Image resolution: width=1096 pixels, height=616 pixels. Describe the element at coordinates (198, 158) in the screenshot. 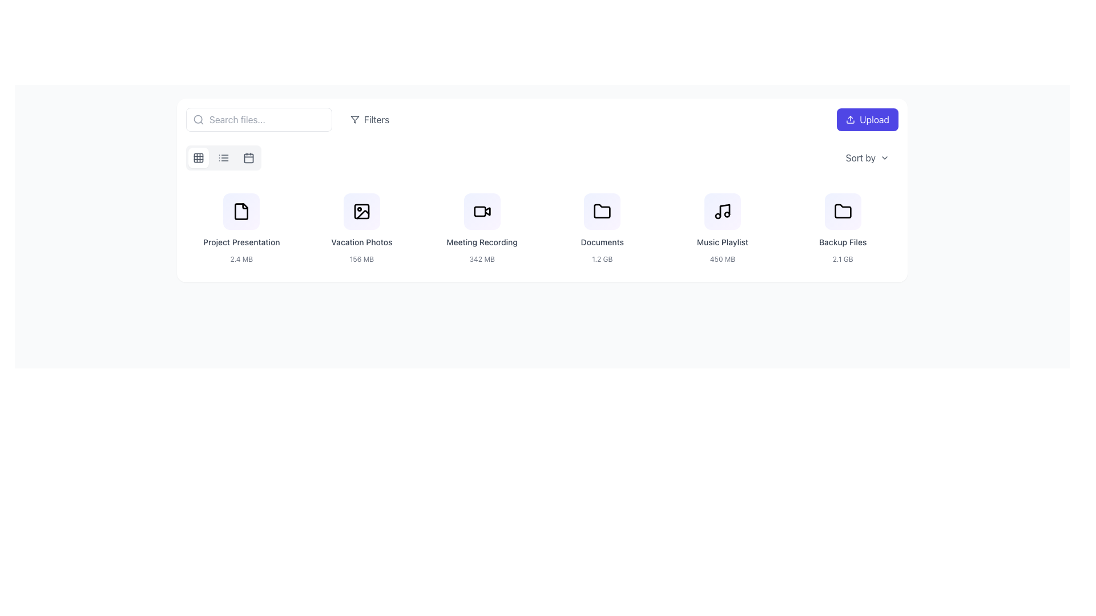

I see `grid icon located at the top-left of the interface, representing the first row and first column of a 3x3 grid layout` at that location.